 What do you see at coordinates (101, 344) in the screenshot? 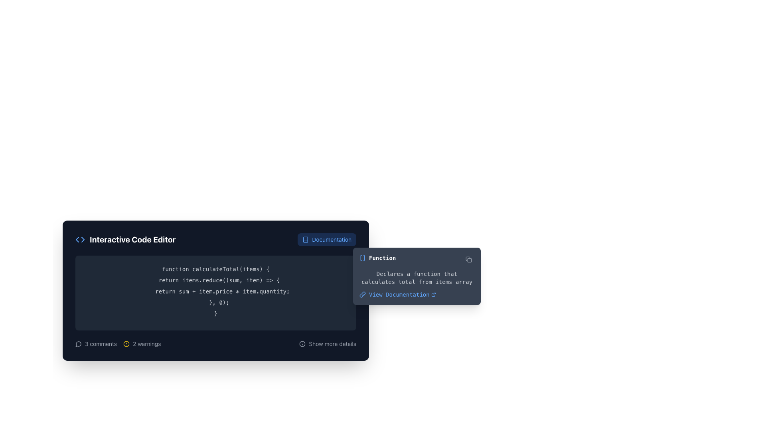
I see `text label displaying '3 comments' located in the bottom-left section of the interface, next to the chat bubble icon` at bounding box center [101, 344].